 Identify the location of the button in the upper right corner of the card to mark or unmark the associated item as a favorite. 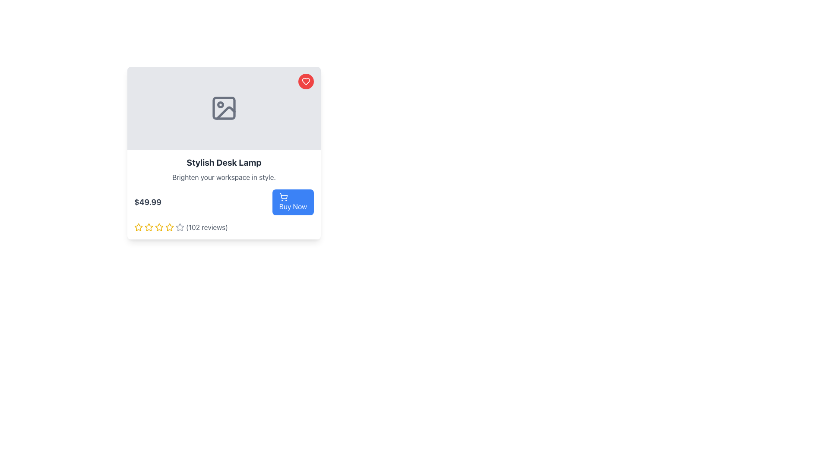
(306, 82).